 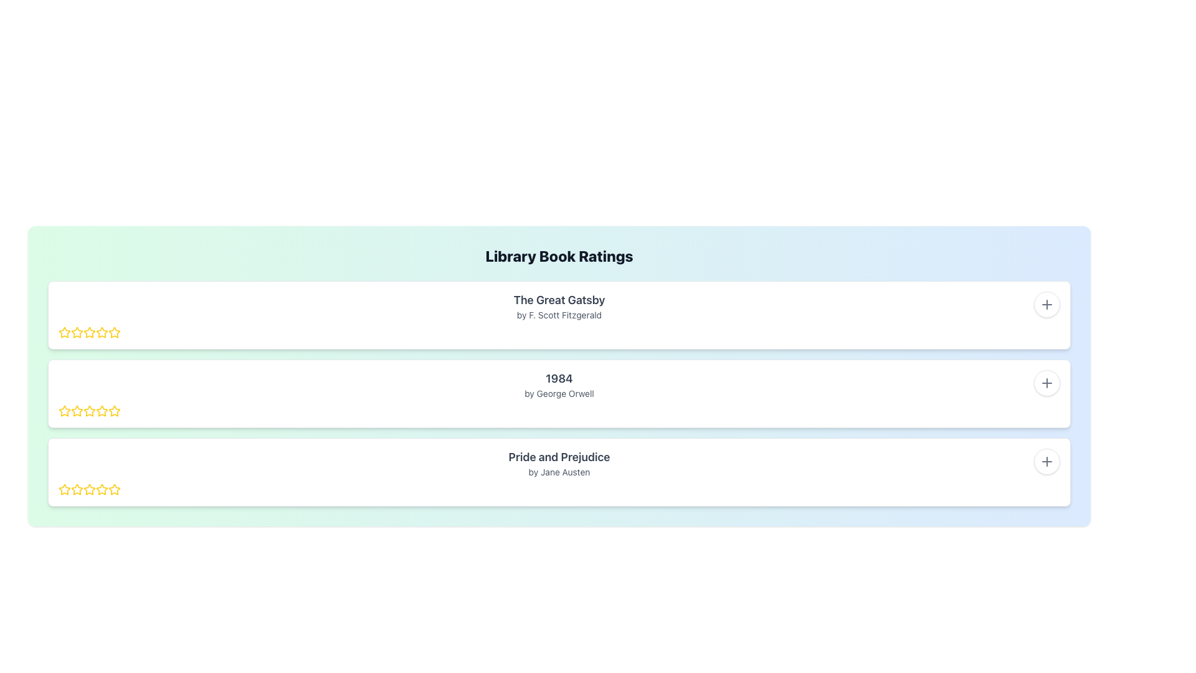 What do you see at coordinates (77, 489) in the screenshot?
I see `the third star icon representing a rating option for the book 'Pride and Prejudice'` at bounding box center [77, 489].